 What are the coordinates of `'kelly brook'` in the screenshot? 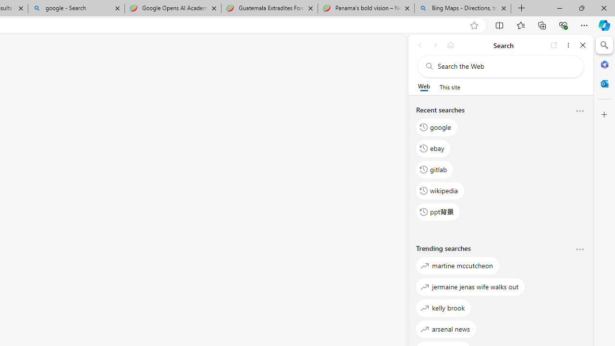 It's located at (443, 308).